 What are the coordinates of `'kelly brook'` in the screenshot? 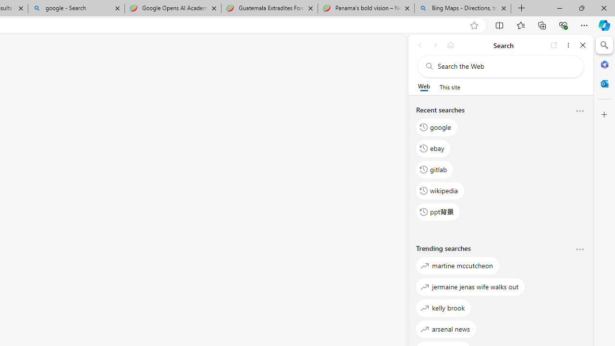 It's located at (443, 308).